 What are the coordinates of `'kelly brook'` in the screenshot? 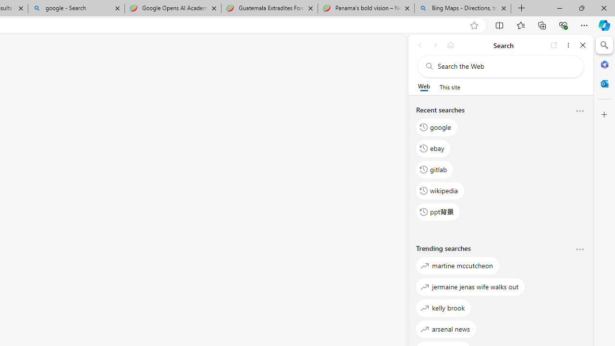 It's located at (443, 308).